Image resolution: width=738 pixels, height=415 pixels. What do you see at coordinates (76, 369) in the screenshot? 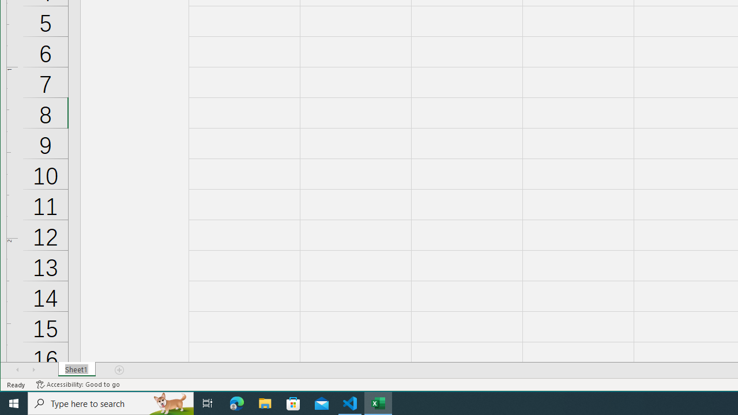
I see `'Sheet Tab'` at bounding box center [76, 369].